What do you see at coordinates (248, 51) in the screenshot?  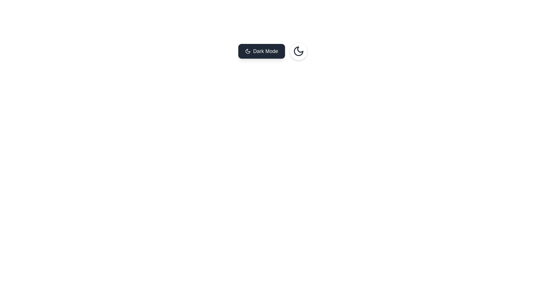 I see `the moon icon representing the 'Dark Mode' functionality` at bounding box center [248, 51].